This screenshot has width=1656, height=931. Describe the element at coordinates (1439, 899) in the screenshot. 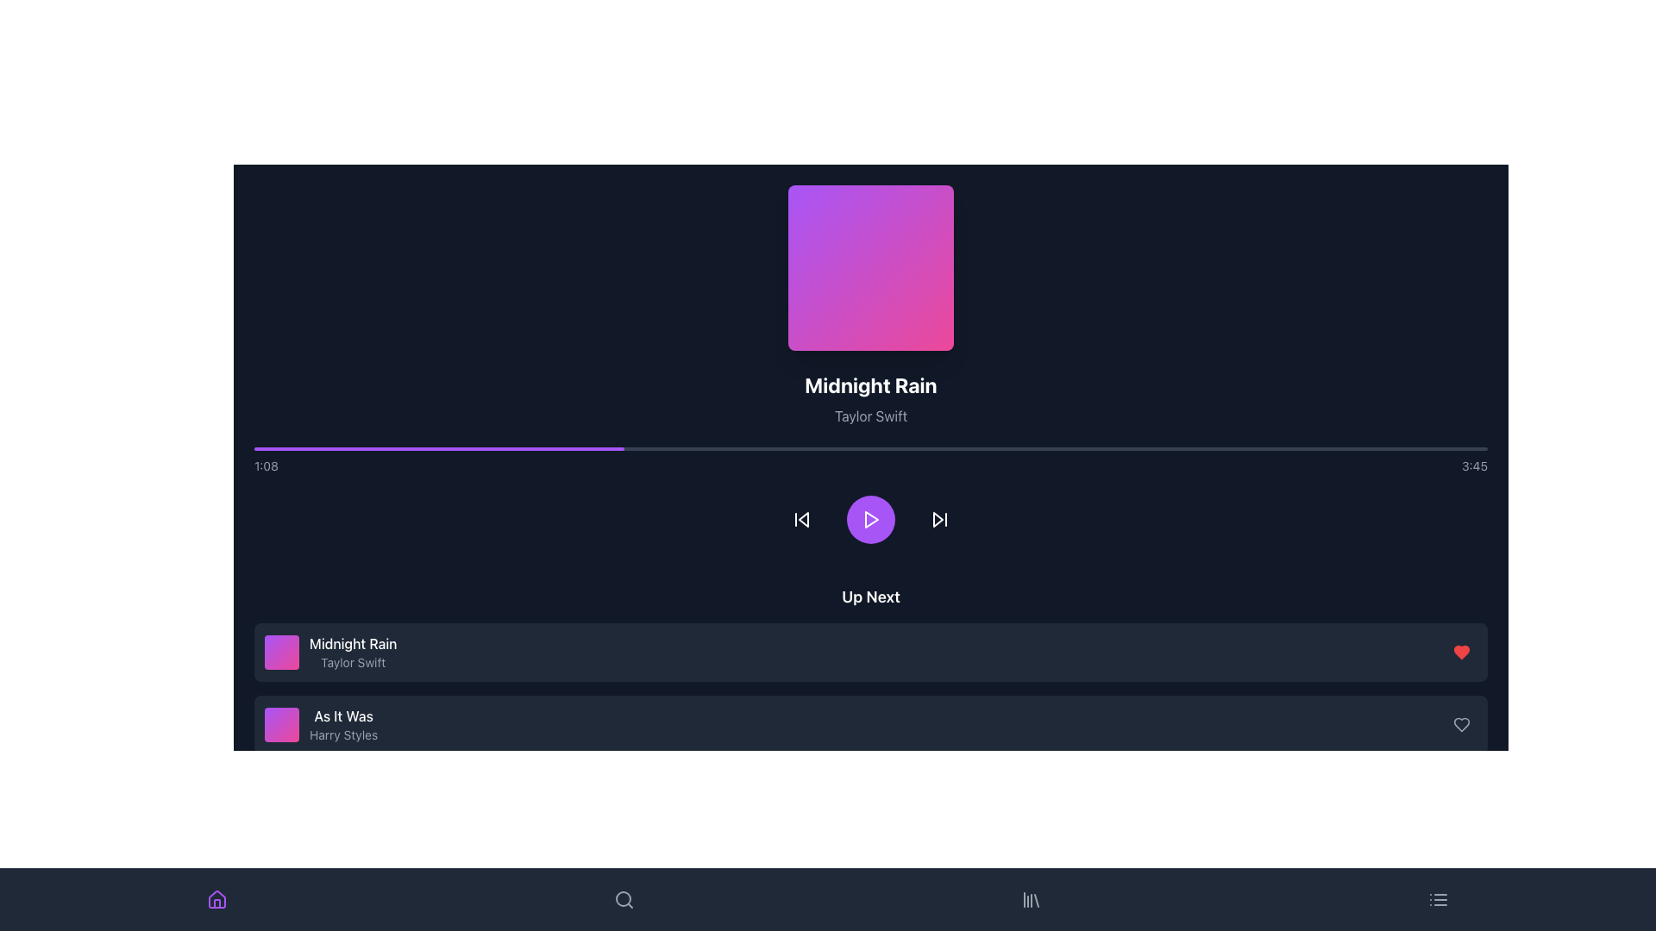

I see `the list icon consisting of three horizontal lines located in the bottom-right section of the footer area` at that location.